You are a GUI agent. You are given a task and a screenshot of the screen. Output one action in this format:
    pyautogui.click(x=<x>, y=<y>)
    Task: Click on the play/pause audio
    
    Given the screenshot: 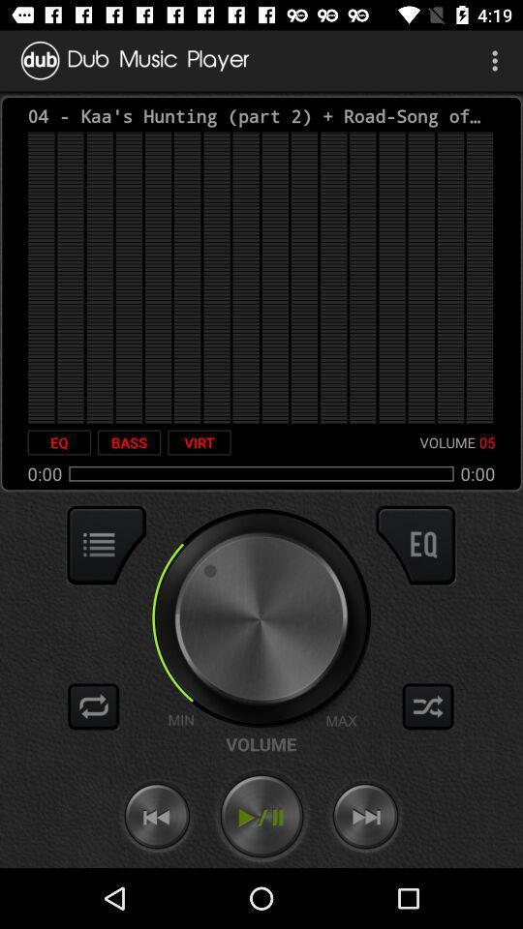 What is the action you would take?
    pyautogui.click(x=261, y=816)
    